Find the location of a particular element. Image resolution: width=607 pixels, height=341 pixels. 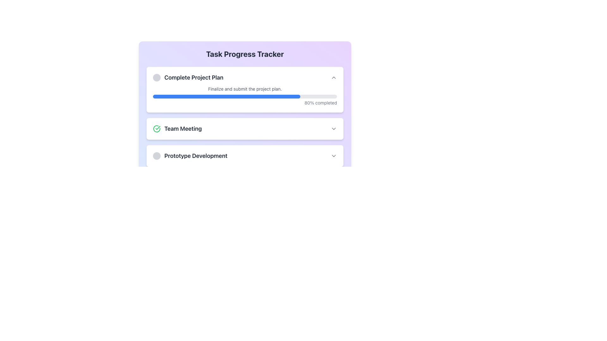

the progress bar indicating 80% completion, located within the 'Complete Project Plan' card is located at coordinates (244, 100).